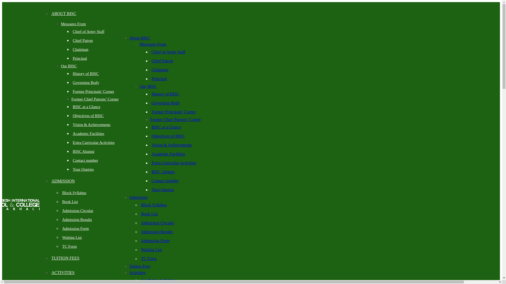  Describe the element at coordinates (174, 162) in the screenshot. I see `'Extra Curricular Activities'` at that location.